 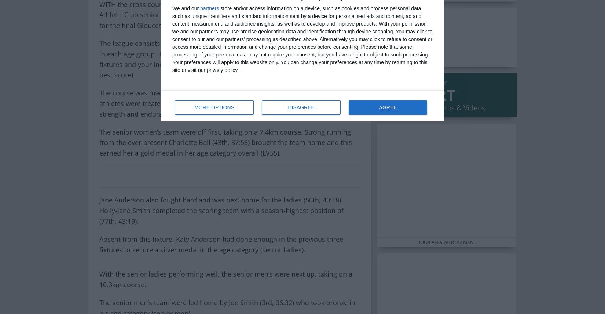 I want to click on 'The senior women’s team were off first, taking on a 7.4km course. Strong running from the ever-present Charlotte Ball (43th, 37:53) brought the team home and this earned her a gold medal in her age category overall (LV55).', so click(x=225, y=142).